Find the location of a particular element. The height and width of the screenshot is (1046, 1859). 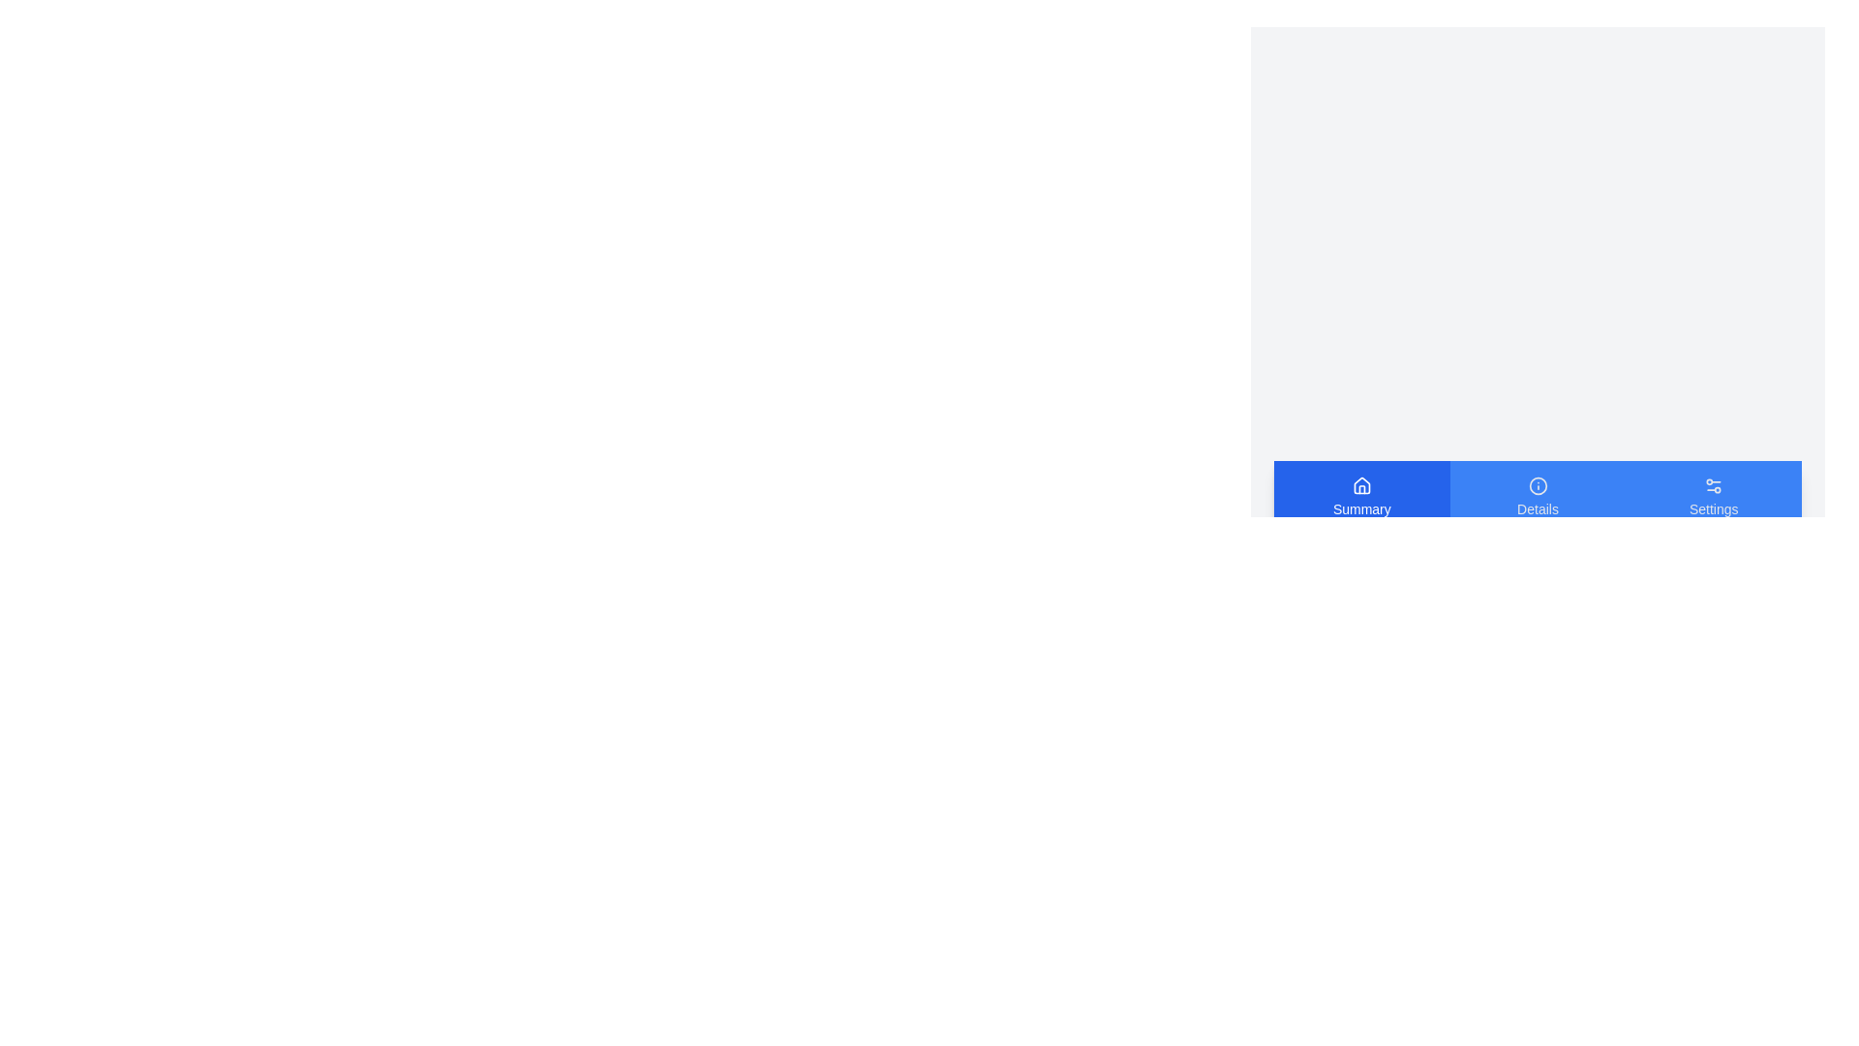

the Settings tab is located at coordinates (1714, 496).